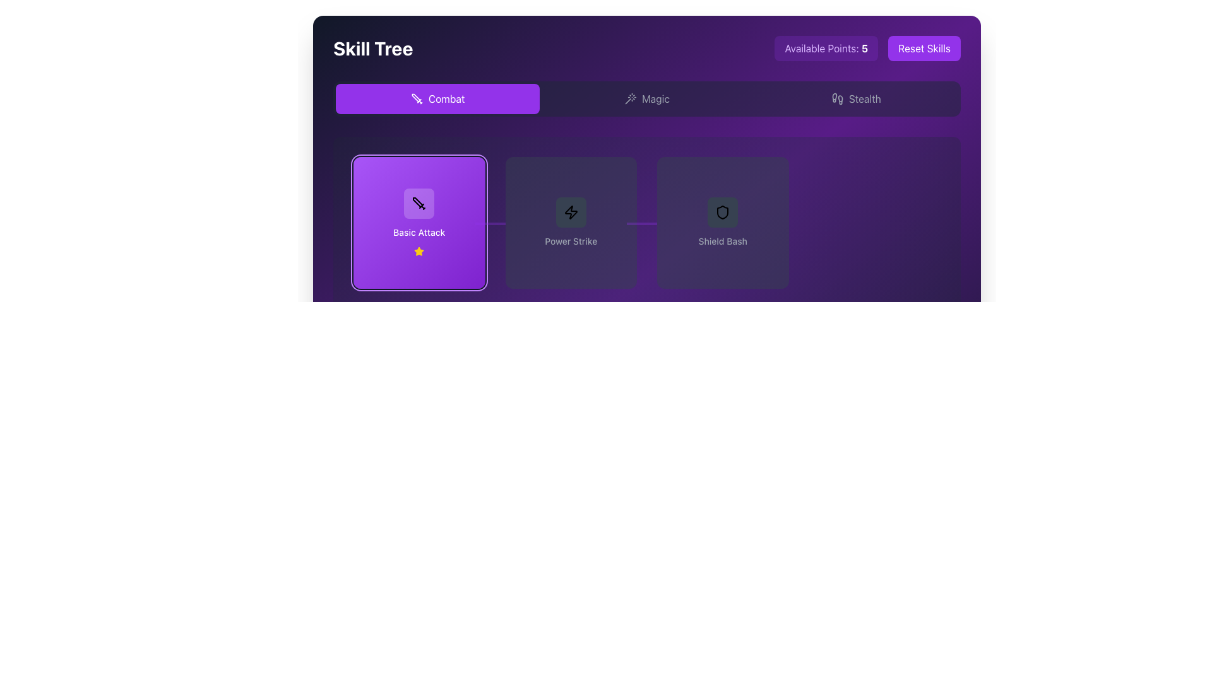 The image size is (1212, 681). I want to click on the 'Basic Attack' skill icon located on the first card, so click(419, 203).